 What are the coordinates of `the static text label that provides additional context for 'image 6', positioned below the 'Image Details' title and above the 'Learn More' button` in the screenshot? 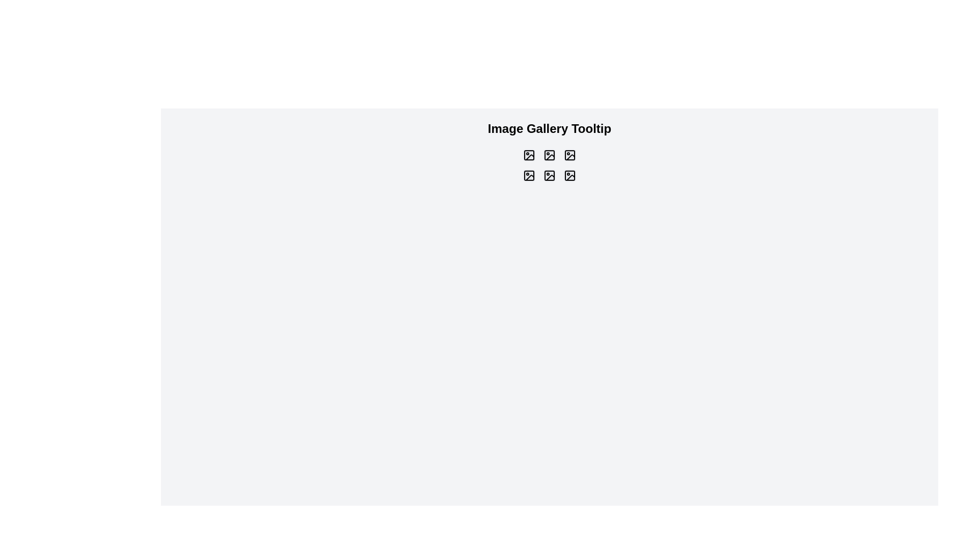 It's located at (569, 171).